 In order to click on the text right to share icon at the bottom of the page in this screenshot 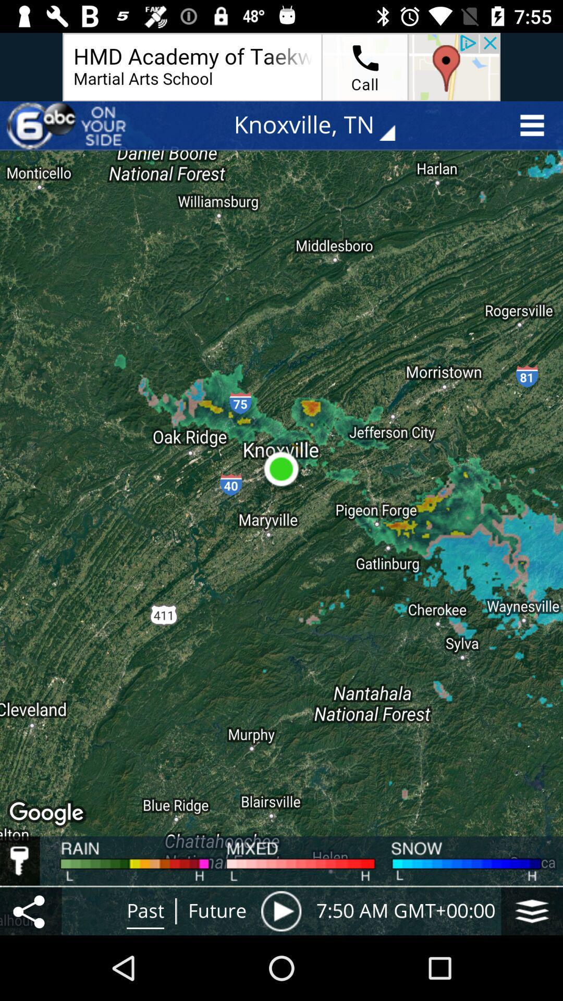, I will do `click(145, 910)`.